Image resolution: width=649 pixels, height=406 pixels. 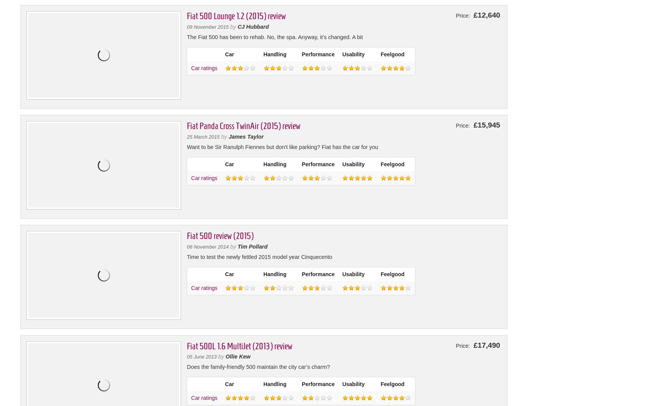 What do you see at coordinates (243, 126) in the screenshot?
I see `'Fiat Panda Cross TwinAir (2015) review'` at bounding box center [243, 126].